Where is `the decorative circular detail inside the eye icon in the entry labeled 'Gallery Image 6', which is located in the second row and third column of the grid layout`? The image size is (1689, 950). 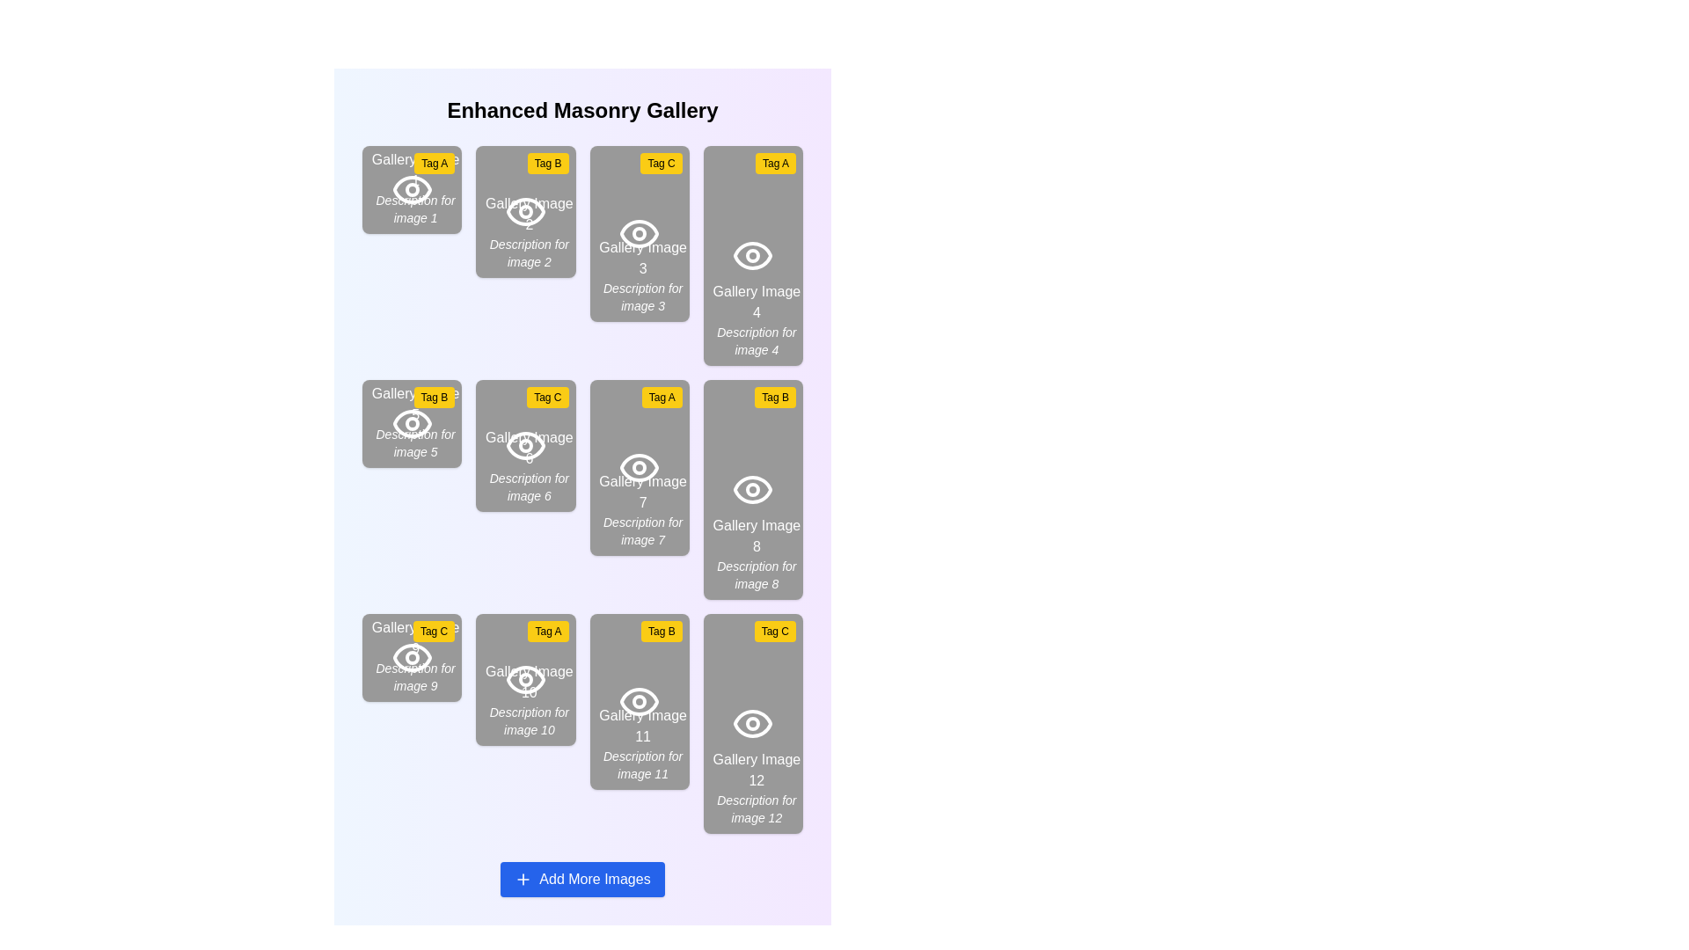 the decorative circular detail inside the eye icon in the entry labeled 'Gallery Image 6', which is located in the second row and third column of the grid layout is located at coordinates (524, 444).